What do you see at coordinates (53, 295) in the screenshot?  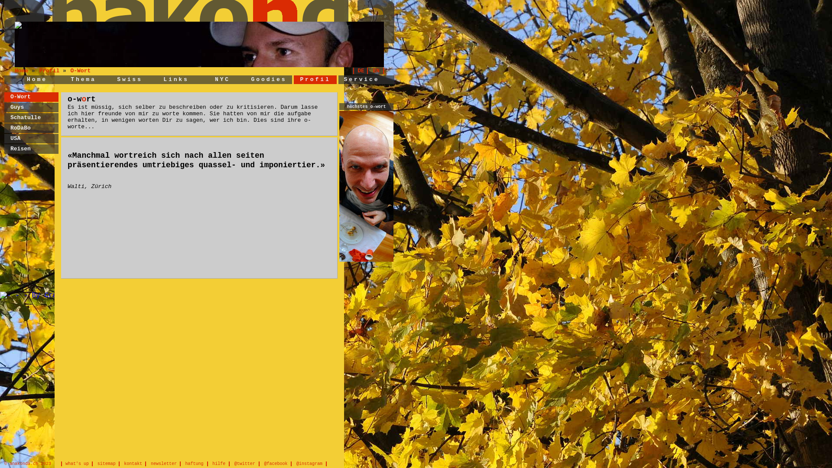 I see `' - - - By CrazyStat - - - '` at bounding box center [53, 295].